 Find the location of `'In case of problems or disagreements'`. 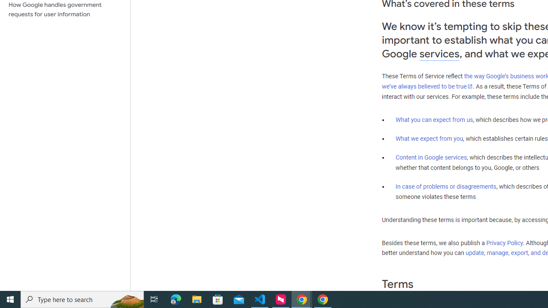

'In case of problems or disagreements' is located at coordinates (445, 186).